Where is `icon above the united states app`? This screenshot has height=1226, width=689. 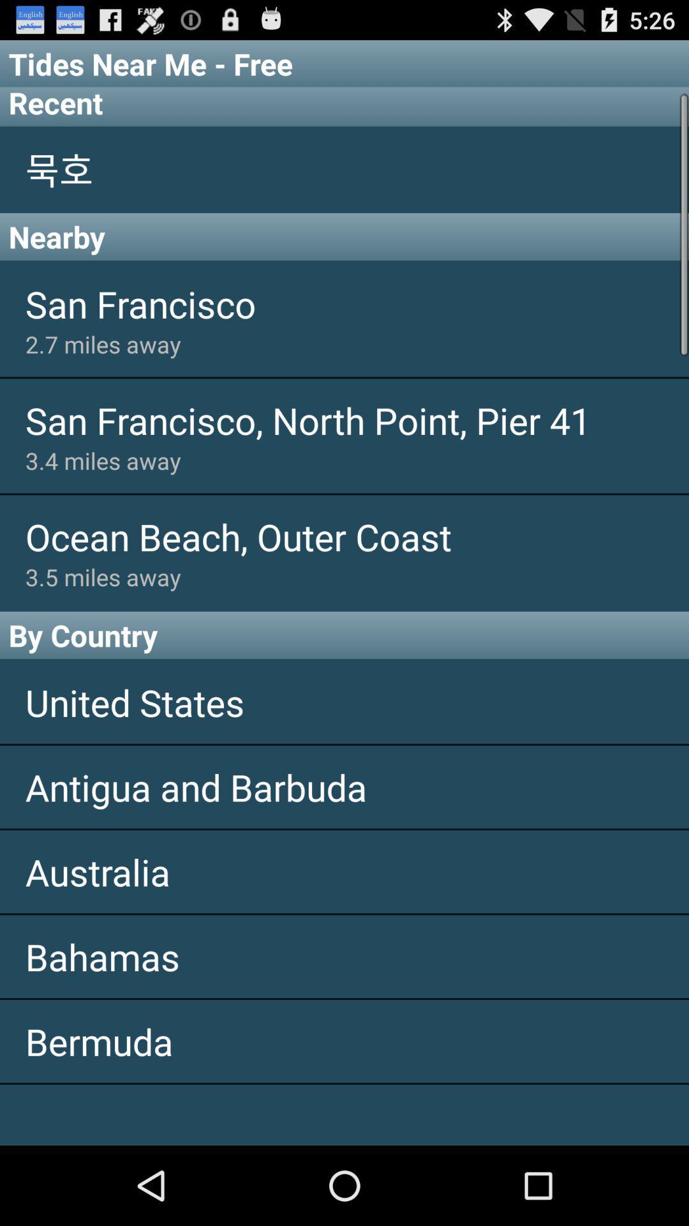 icon above the united states app is located at coordinates (344, 635).